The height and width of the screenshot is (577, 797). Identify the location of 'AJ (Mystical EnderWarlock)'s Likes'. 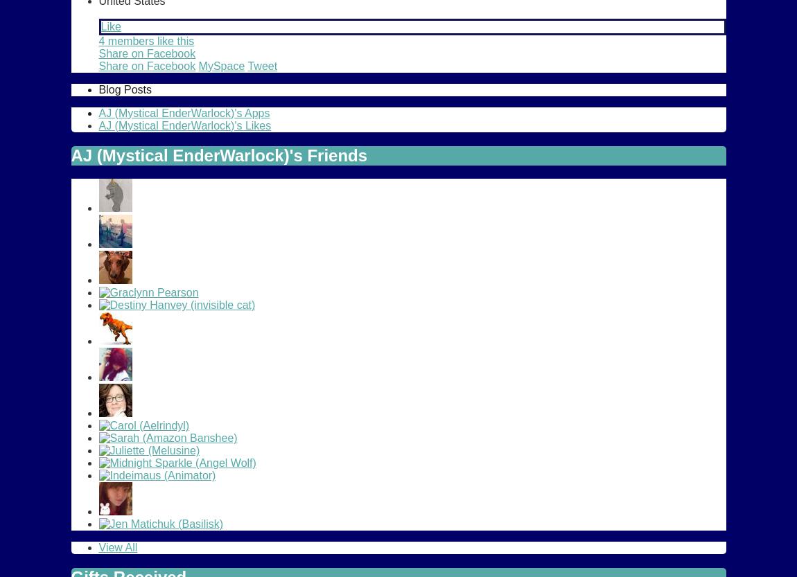
(98, 124).